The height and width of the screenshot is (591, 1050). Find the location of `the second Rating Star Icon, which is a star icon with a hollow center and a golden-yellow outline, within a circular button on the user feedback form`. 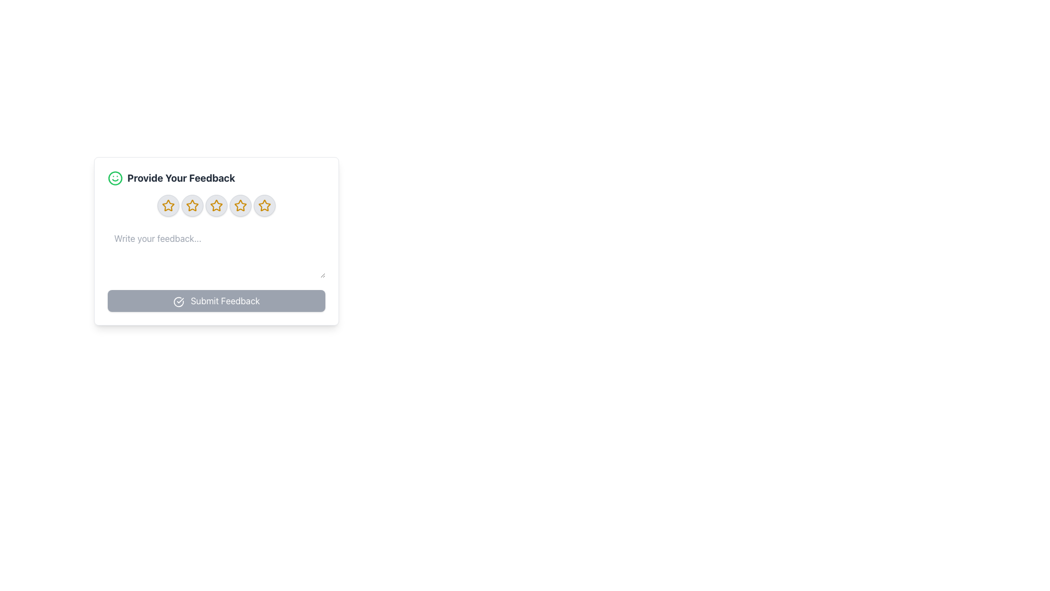

the second Rating Star Icon, which is a star icon with a hollow center and a golden-yellow outline, within a circular button on the user feedback form is located at coordinates (192, 205).